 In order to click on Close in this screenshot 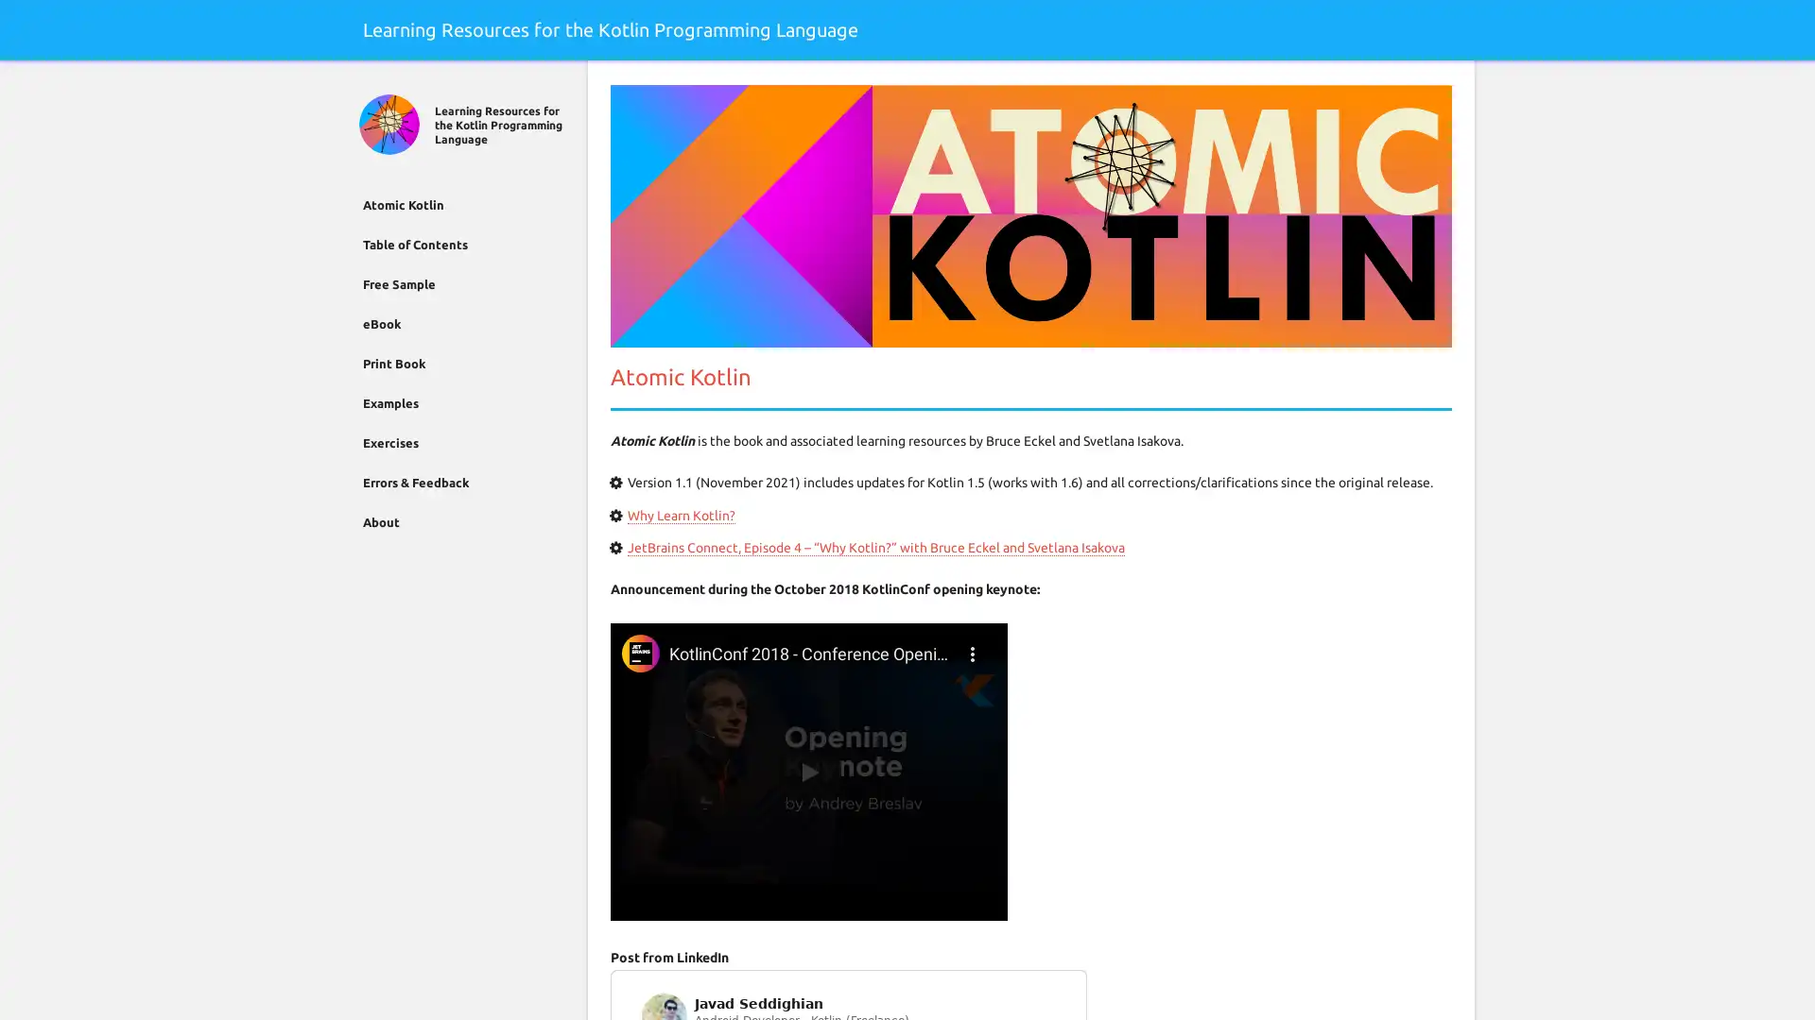, I will do `click(371, 82)`.